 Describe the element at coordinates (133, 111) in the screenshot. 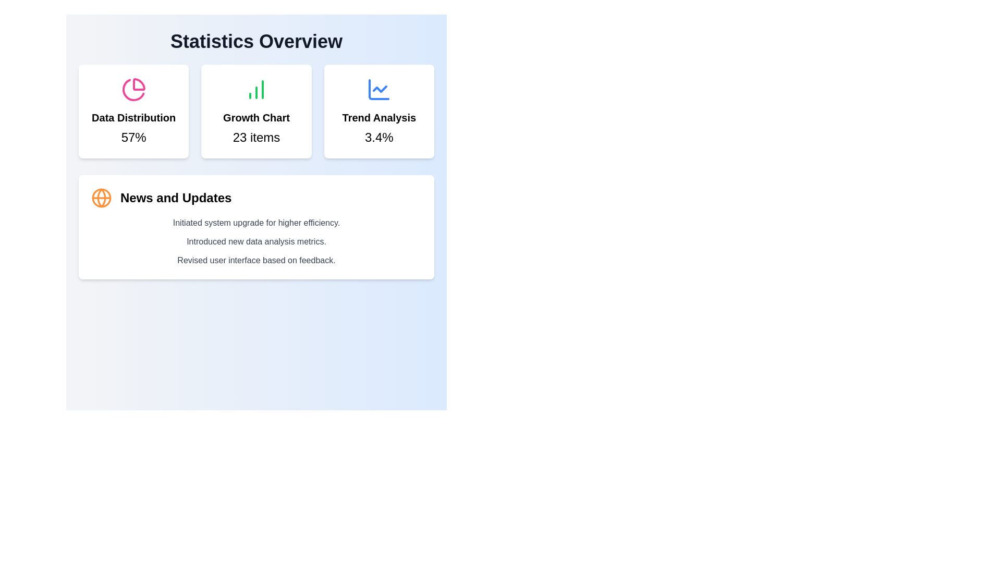

I see `the Informative Card displaying the 'Data Distribution' title and '57%' percentage, which is the leftmost card in the row below the 'Statistics Overview' heading` at that location.